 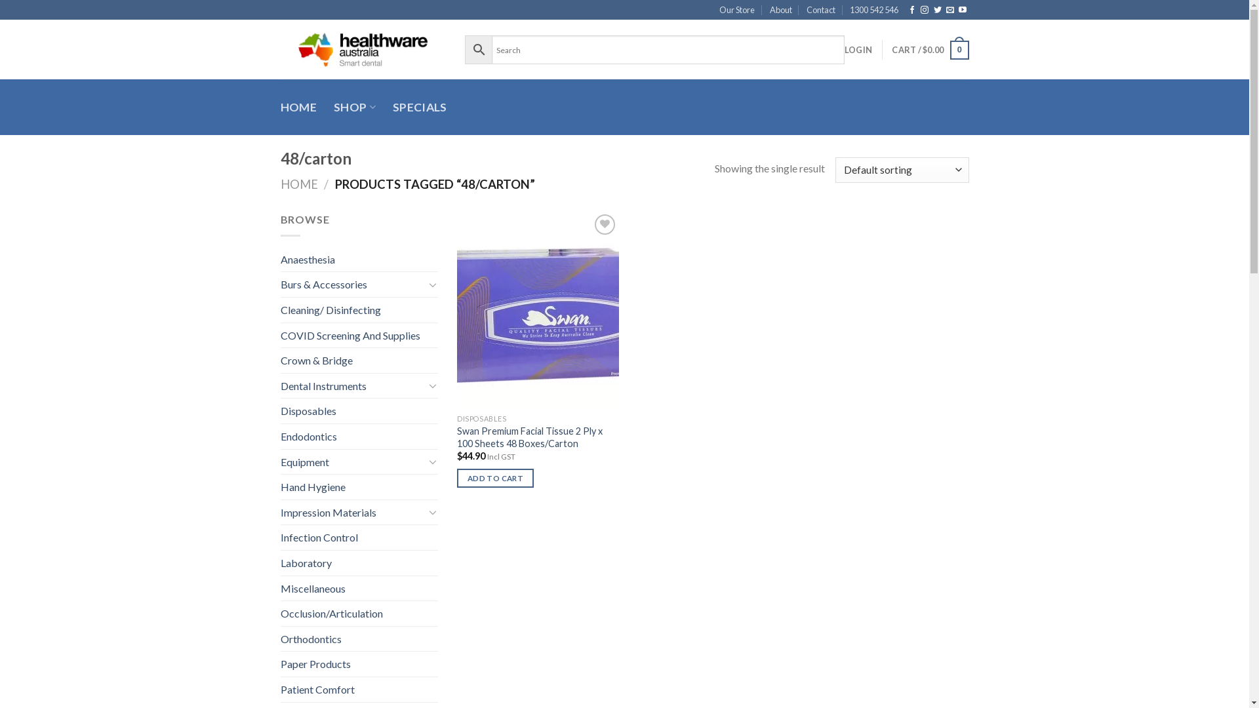 What do you see at coordinates (359, 487) in the screenshot?
I see `'Hand Hygiene'` at bounding box center [359, 487].